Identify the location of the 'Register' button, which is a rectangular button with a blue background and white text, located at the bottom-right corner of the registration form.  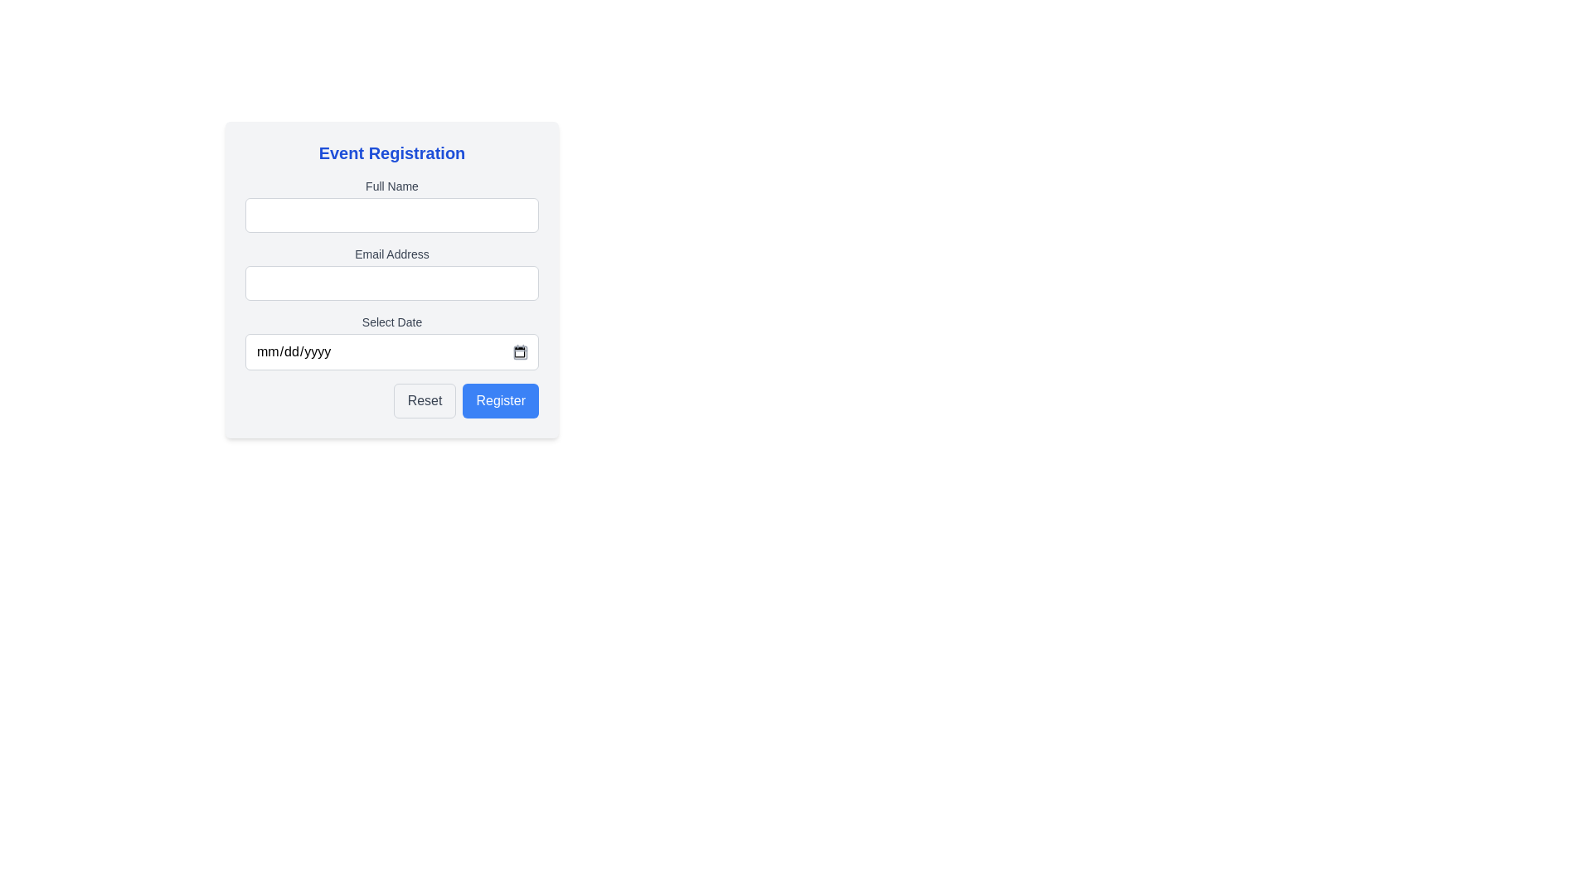
(500, 400).